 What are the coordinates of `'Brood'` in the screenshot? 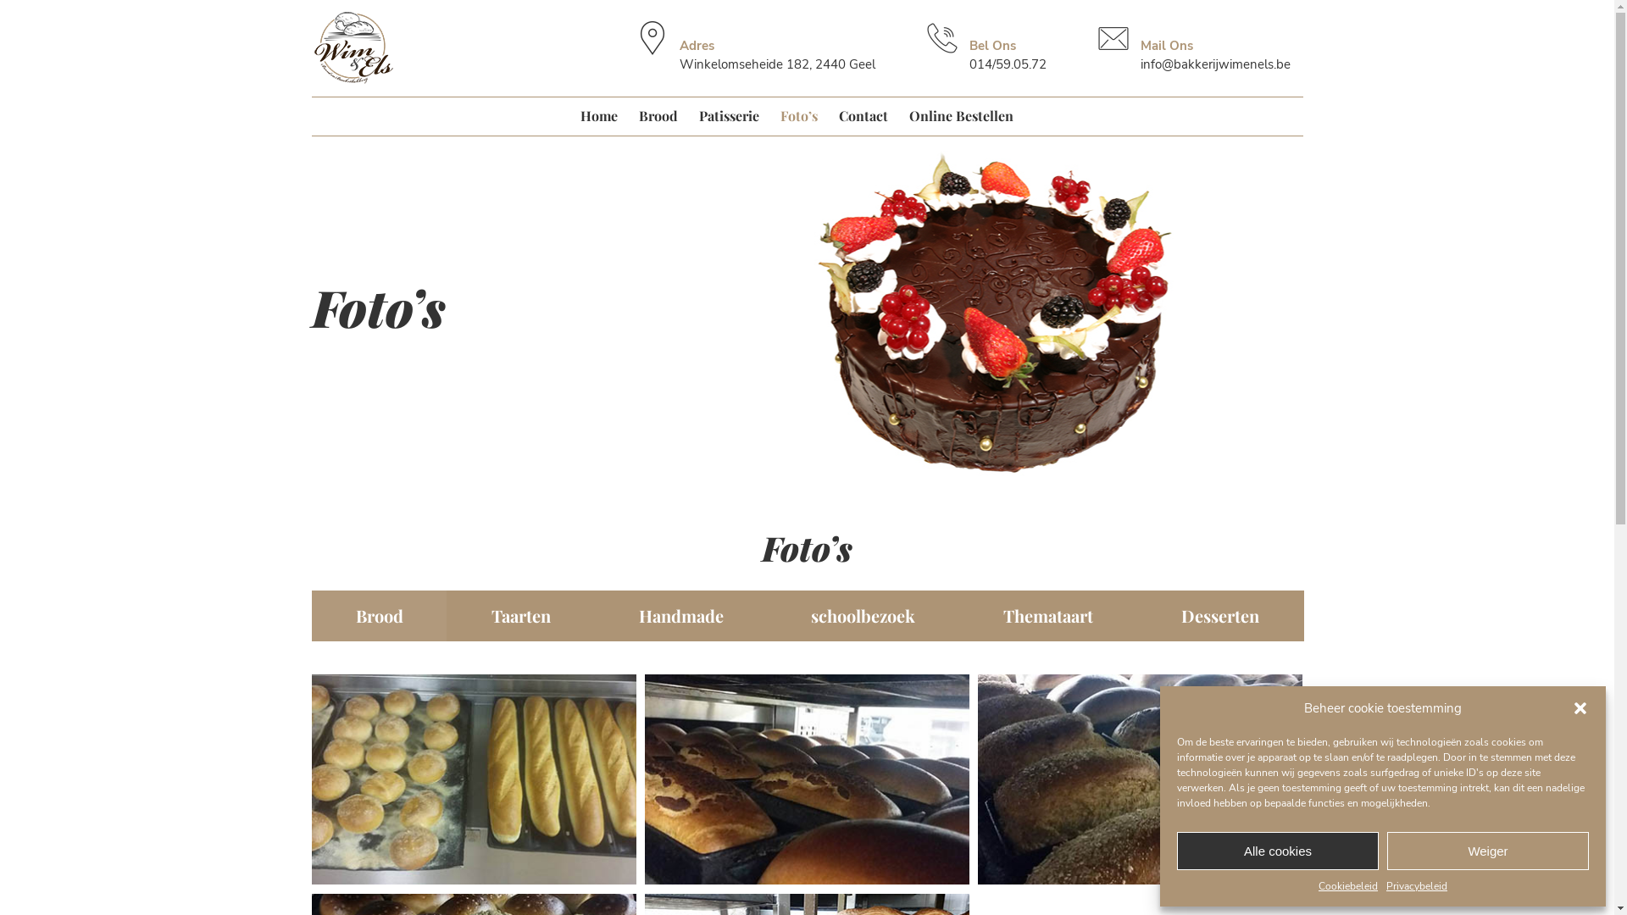 It's located at (379, 614).